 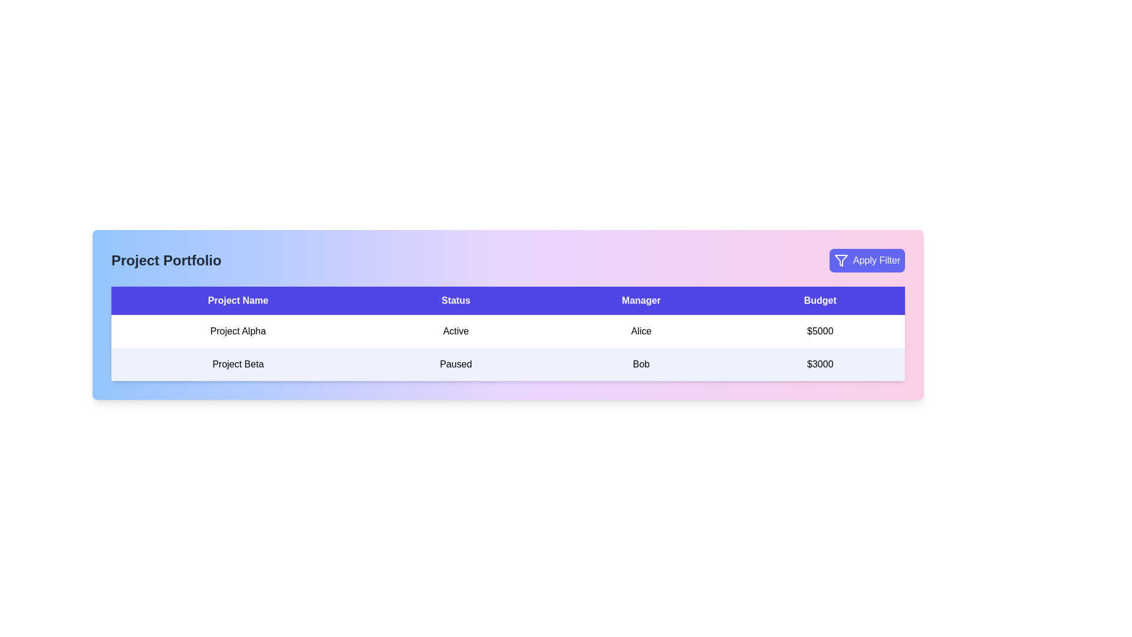 What do you see at coordinates (237, 363) in the screenshot?
I see `the text label displaying 'Project Beta' in the leftmost position of the second data row of the table` at bounding box center [237, 363].